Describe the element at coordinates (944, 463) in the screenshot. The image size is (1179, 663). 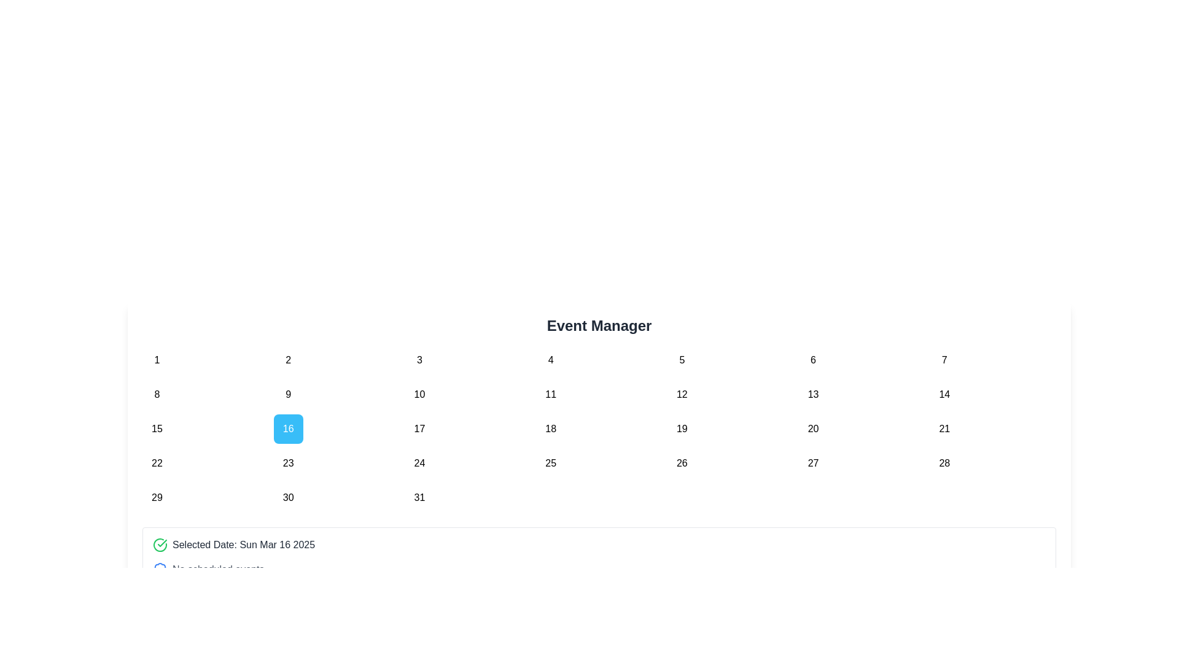
I see `the selectable date button located in the 7th position of the fourth row in a calendar grid` at that location.